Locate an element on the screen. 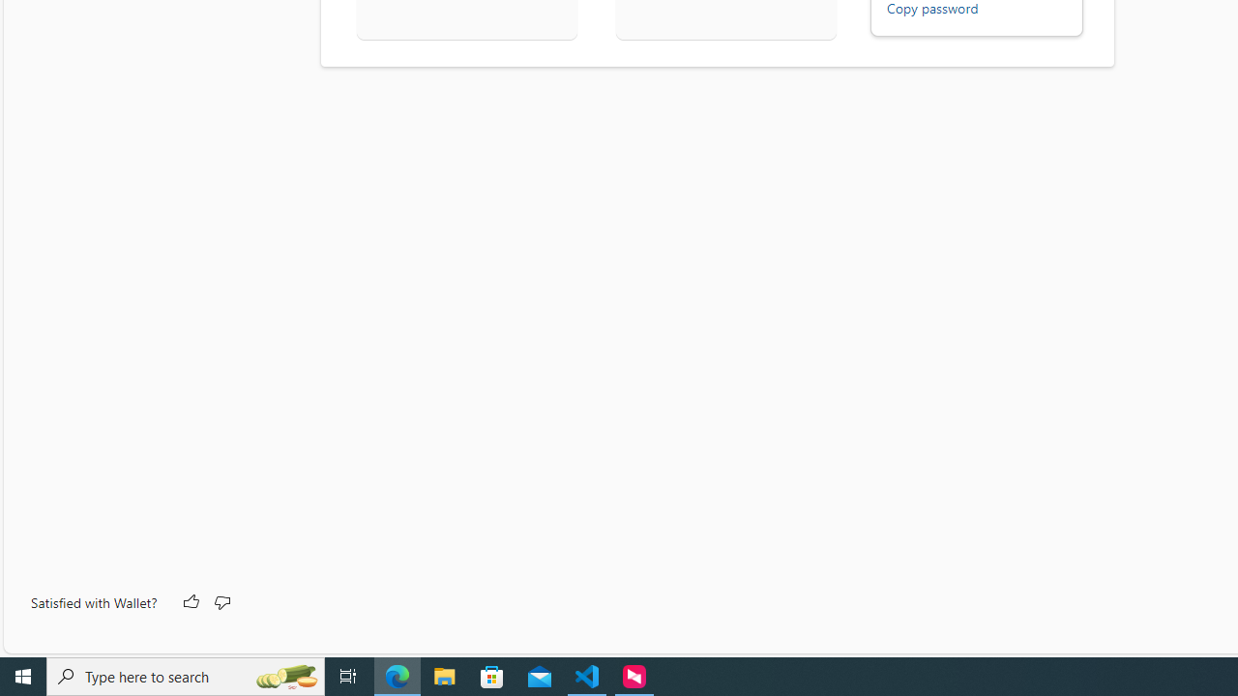  'Like' is located at coordinates (191, 601).